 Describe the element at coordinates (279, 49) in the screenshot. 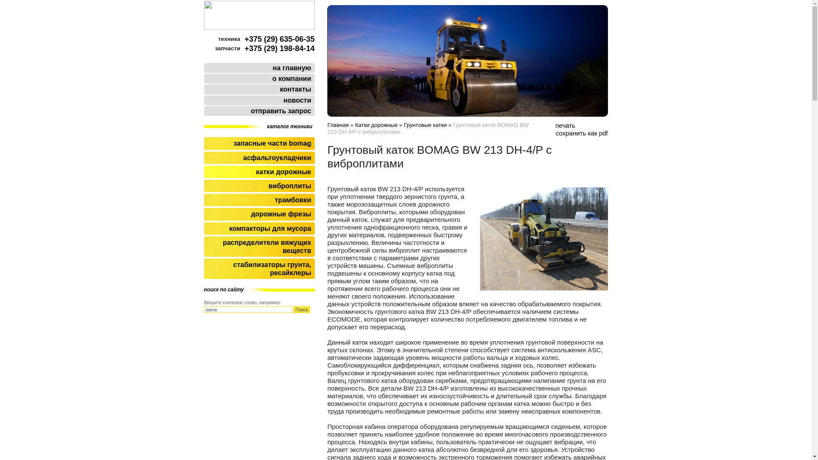

I see `'+375 (29) 198-84-14'` at that location.